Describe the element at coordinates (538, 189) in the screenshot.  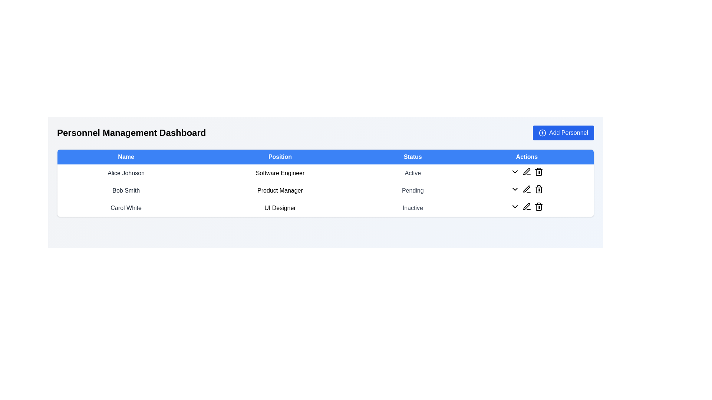
I see `the delete button located in the 'Actions' column of the second row in the table for 'Bob Smith - Product Manager - Pending' to initiate the delete action` at that location.